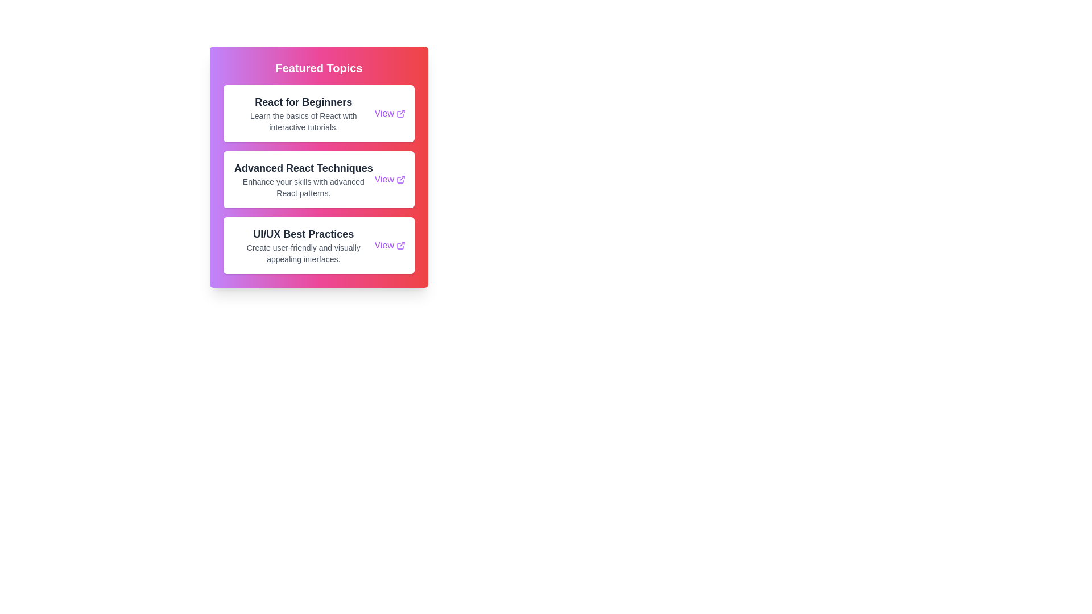 This screenshot has height=614, width=1092. I want to click on the external link icon located to the right of the 'View' text next to 'React for Beginners' in the topmost section of the list of featured topics, so click(401, 114).